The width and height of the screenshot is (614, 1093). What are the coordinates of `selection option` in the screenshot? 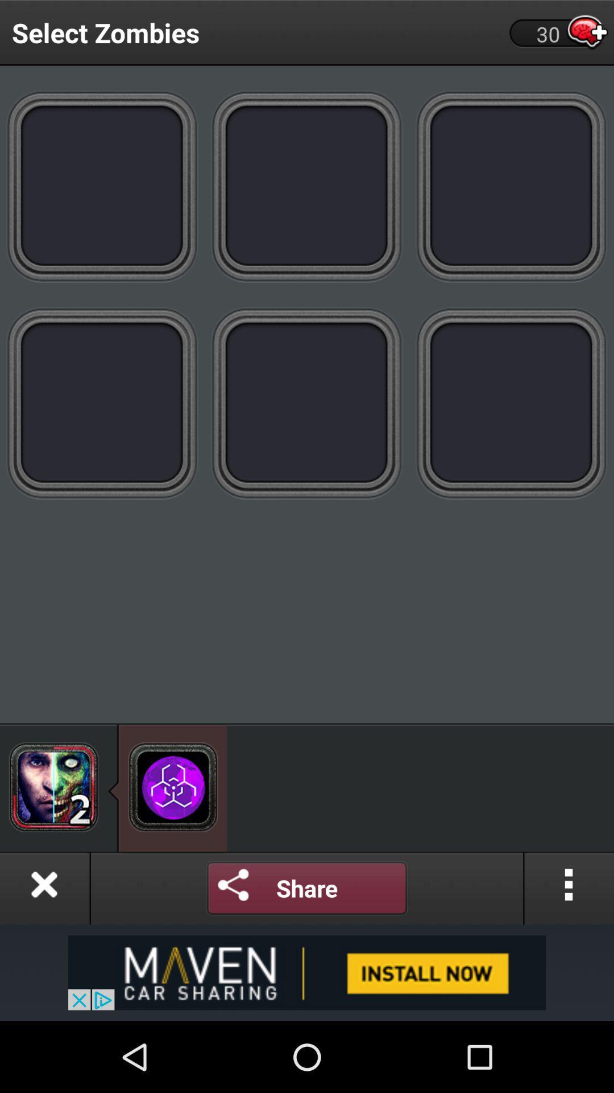 It's located at (511, 186).